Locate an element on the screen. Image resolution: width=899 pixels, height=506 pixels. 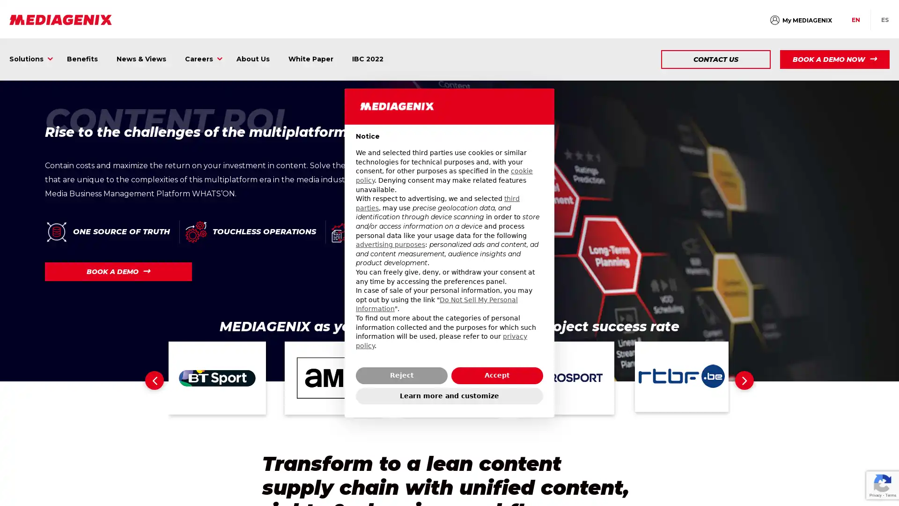
Learn more and customize is located at coordinates (449, 395).